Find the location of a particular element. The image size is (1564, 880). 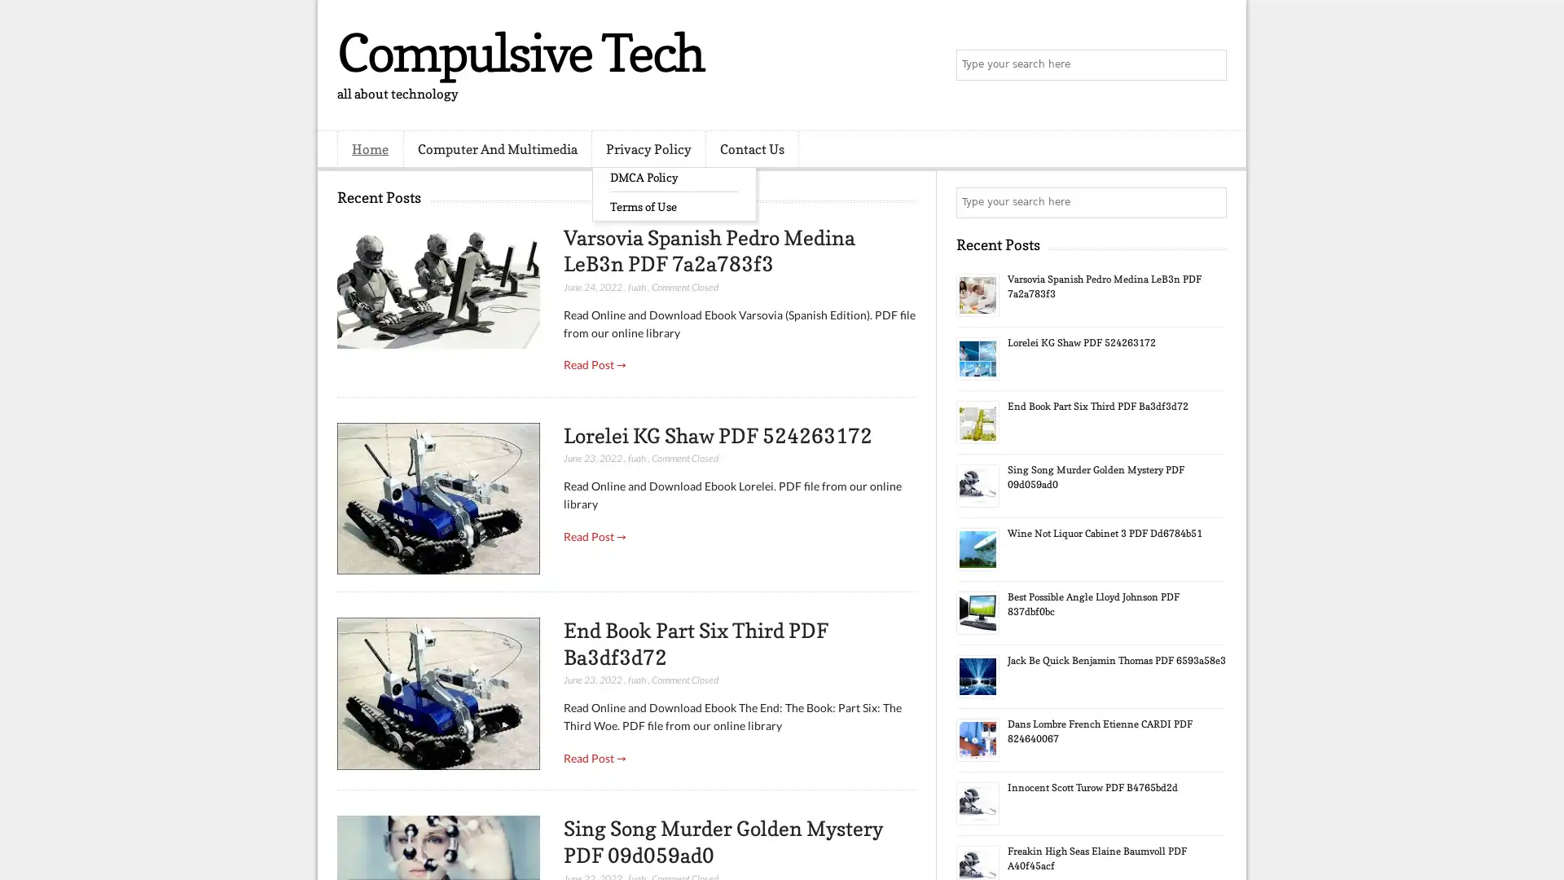

Search is located at coordinates (1210, 202).